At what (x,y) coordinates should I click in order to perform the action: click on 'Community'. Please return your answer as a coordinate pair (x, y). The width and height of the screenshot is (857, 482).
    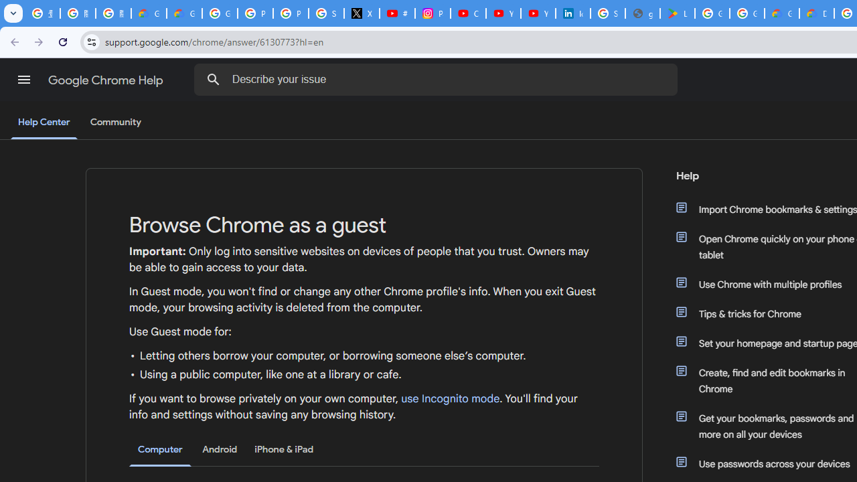
    Looking at the image, I should click on (115, 123).